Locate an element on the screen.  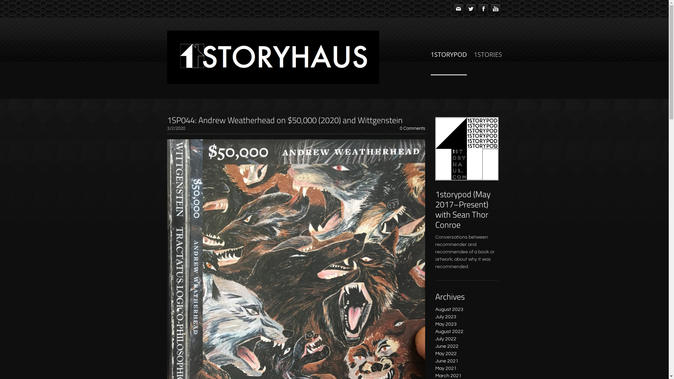
'June 2021' is located at coordinates (446, 361).